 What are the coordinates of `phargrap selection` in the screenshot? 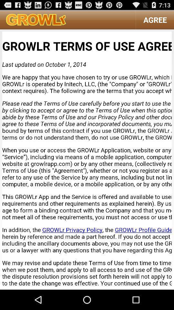 It's located at (87, 159).